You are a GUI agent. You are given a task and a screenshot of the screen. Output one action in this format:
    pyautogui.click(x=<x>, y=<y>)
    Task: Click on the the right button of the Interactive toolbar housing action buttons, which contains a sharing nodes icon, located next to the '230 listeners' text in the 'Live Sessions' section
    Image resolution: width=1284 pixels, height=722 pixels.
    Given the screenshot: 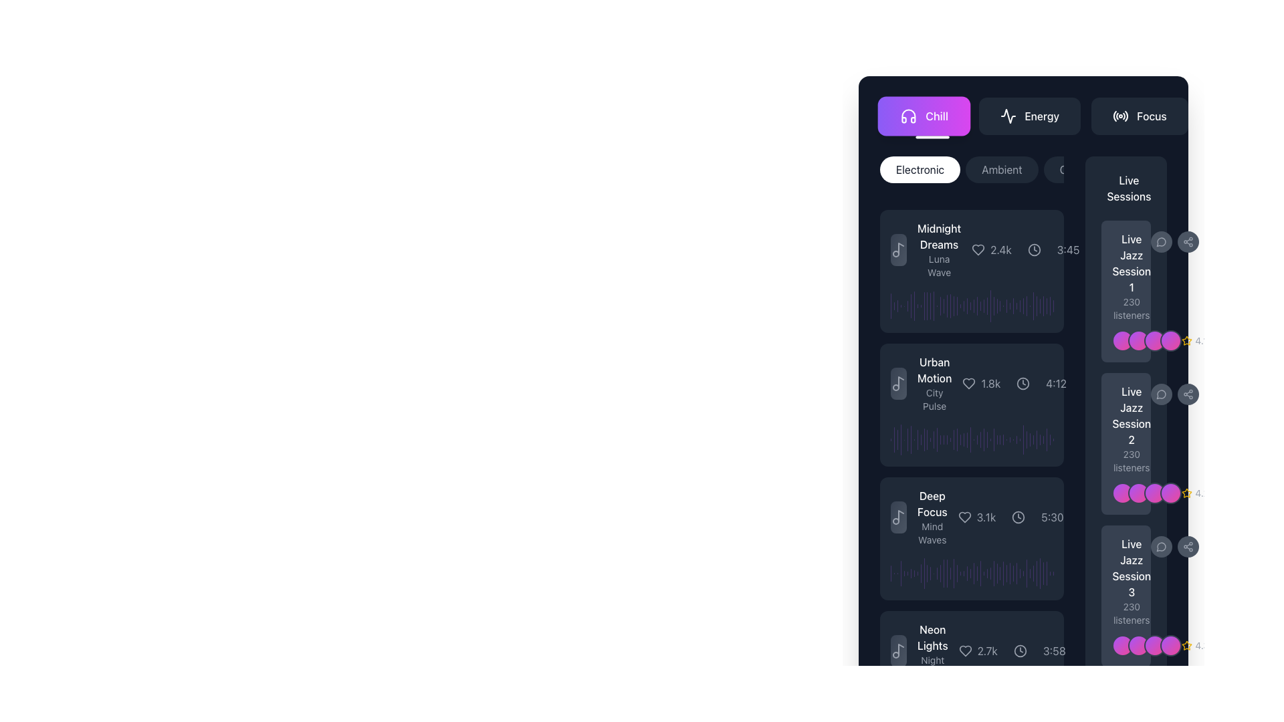 What is the action you would take?
    pyautogui.click(x=1174, y=394)
    